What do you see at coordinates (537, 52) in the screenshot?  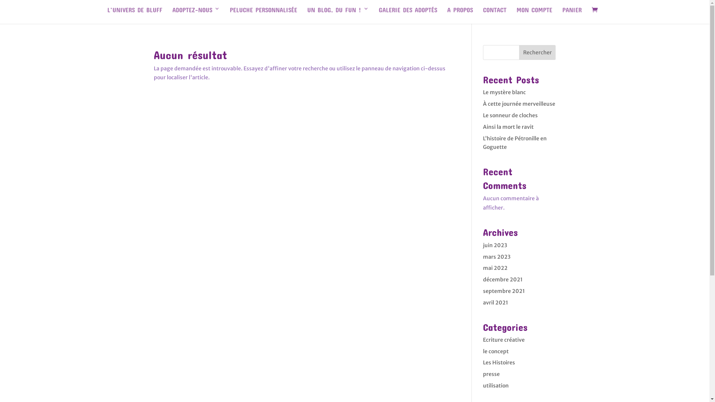 I see `'Rechercher'` at bounding box center [537, 52].